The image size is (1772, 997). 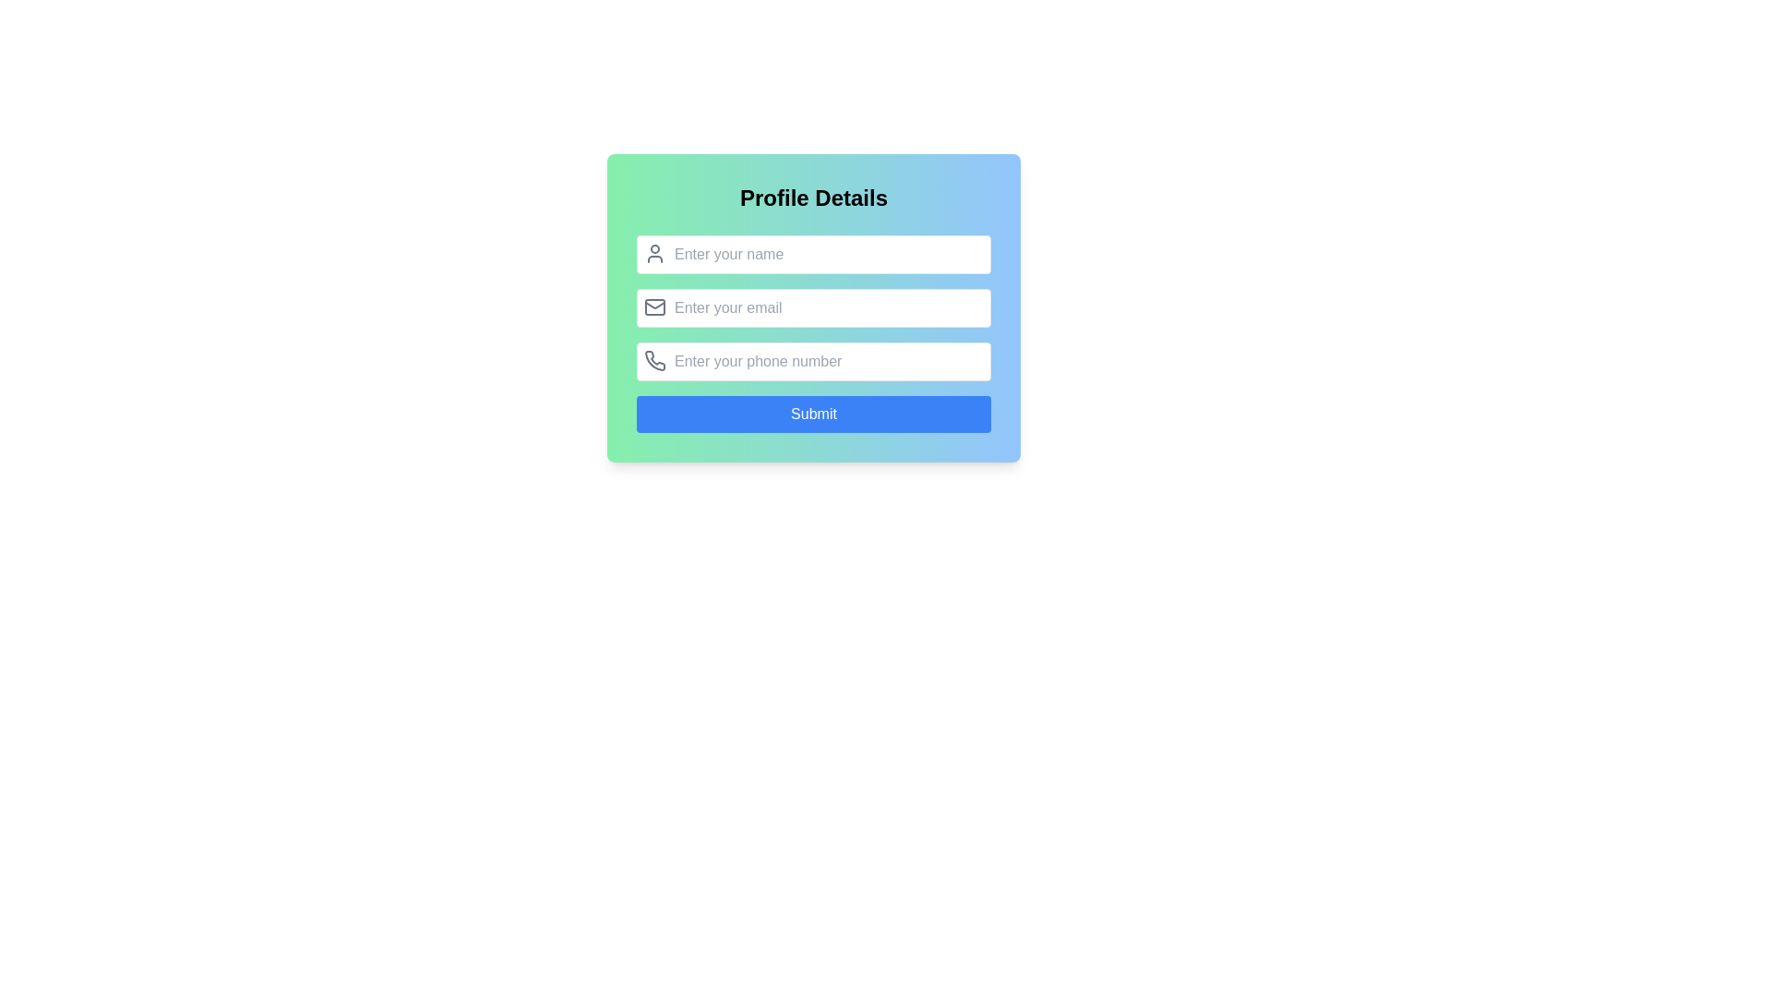 What do you see at coordinates (813, 362) in the screenshot?
I see `the text input field labeled 'Enter your phone number', which is styled with rounded corners and features a phone icon to its left` at bounding box center [813, 362].